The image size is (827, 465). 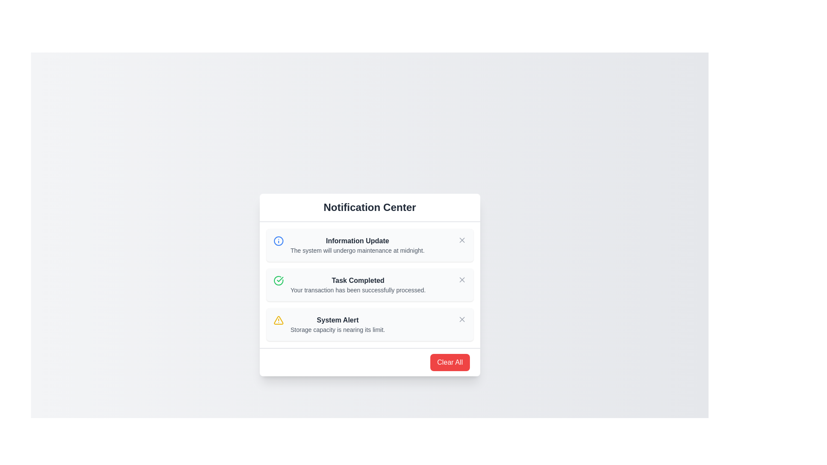 I want to click on the informational icon in the 'Information Update' notification within the 'Notification Center' popup, located at the top-left corner next to the bold text 'Information Update', so click(x=278, y=241).